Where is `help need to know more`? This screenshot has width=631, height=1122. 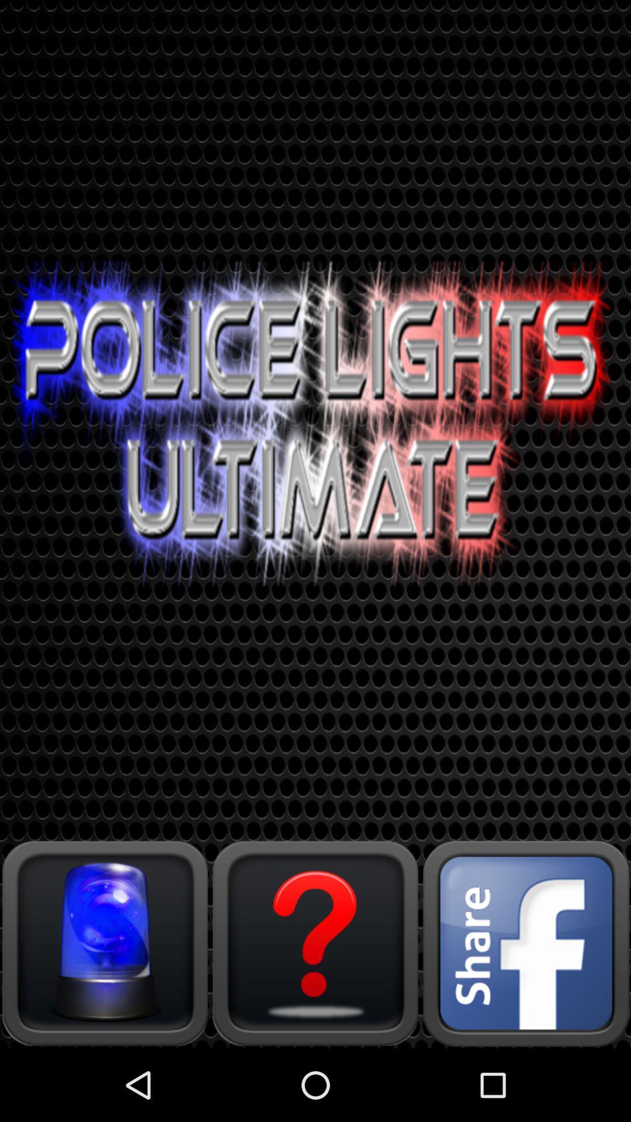 help need to know more is located at coordinates (315, 943).